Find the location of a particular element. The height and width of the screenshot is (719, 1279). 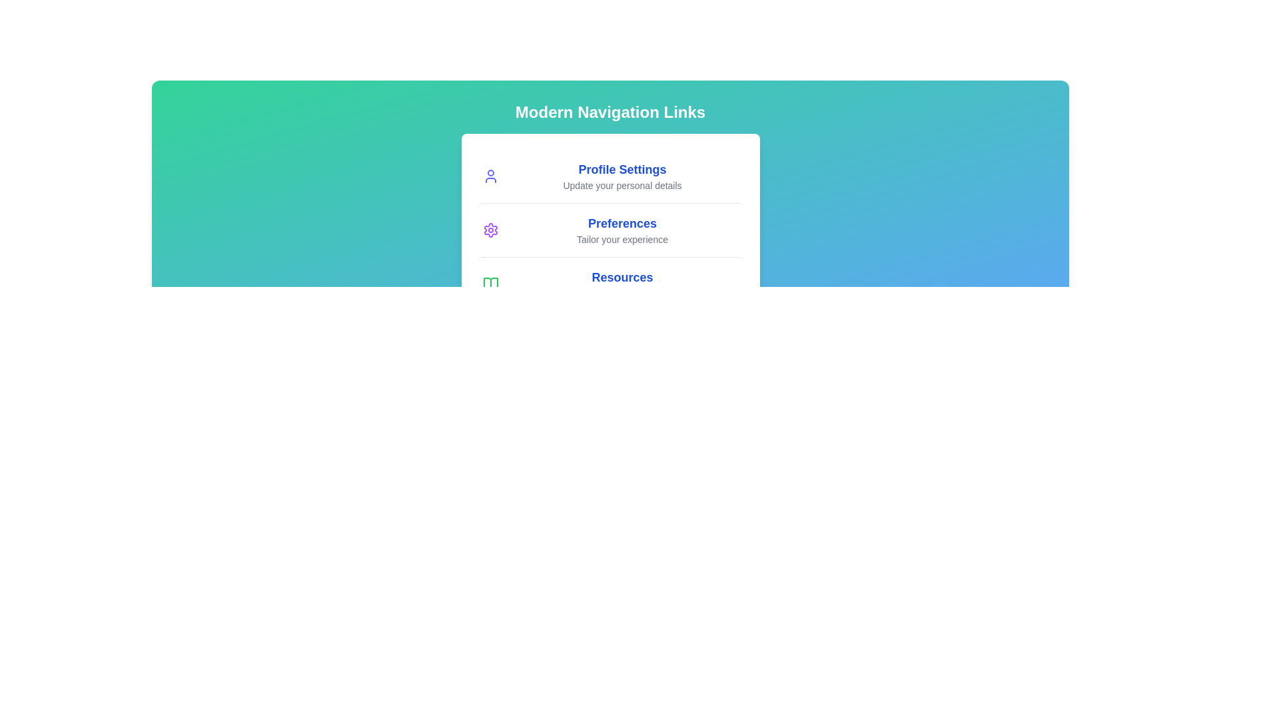

the interactive hyperlink labeled 'Preferences' is located at coordinates (622, 222).